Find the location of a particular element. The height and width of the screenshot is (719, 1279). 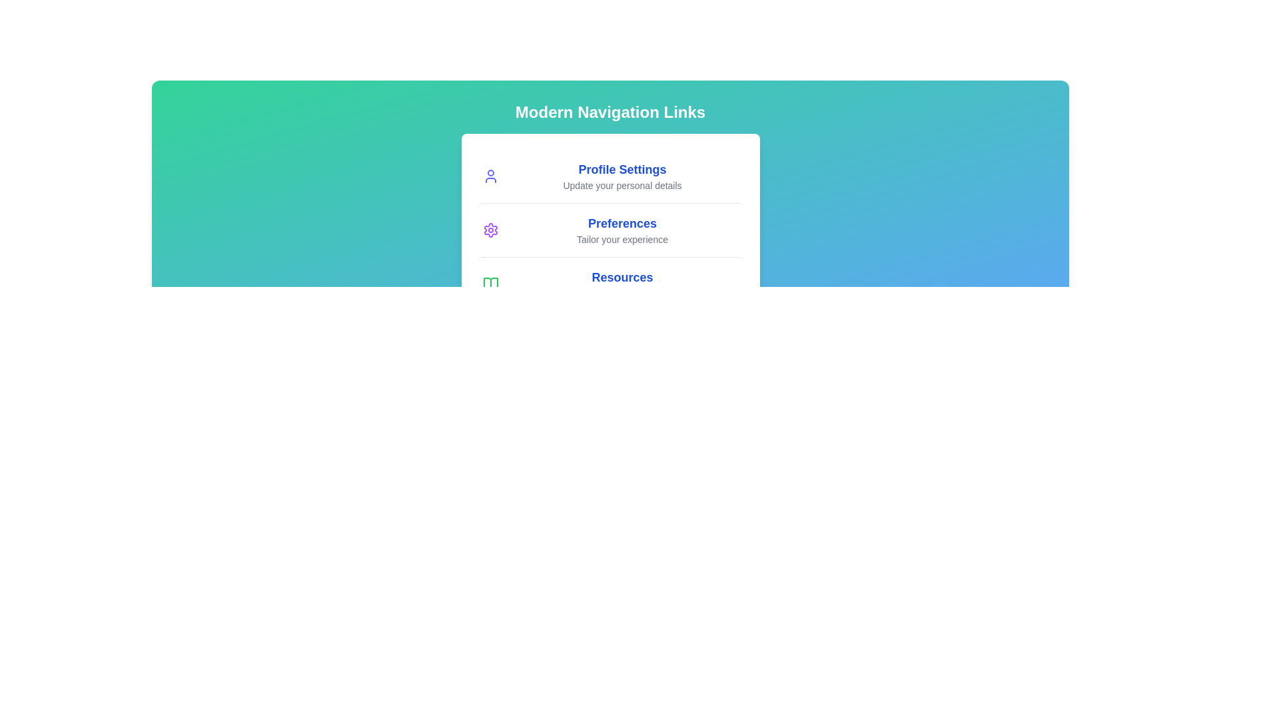

the interactive hyperlink labeled 'Preferences' is located at coordinates (622, 222).